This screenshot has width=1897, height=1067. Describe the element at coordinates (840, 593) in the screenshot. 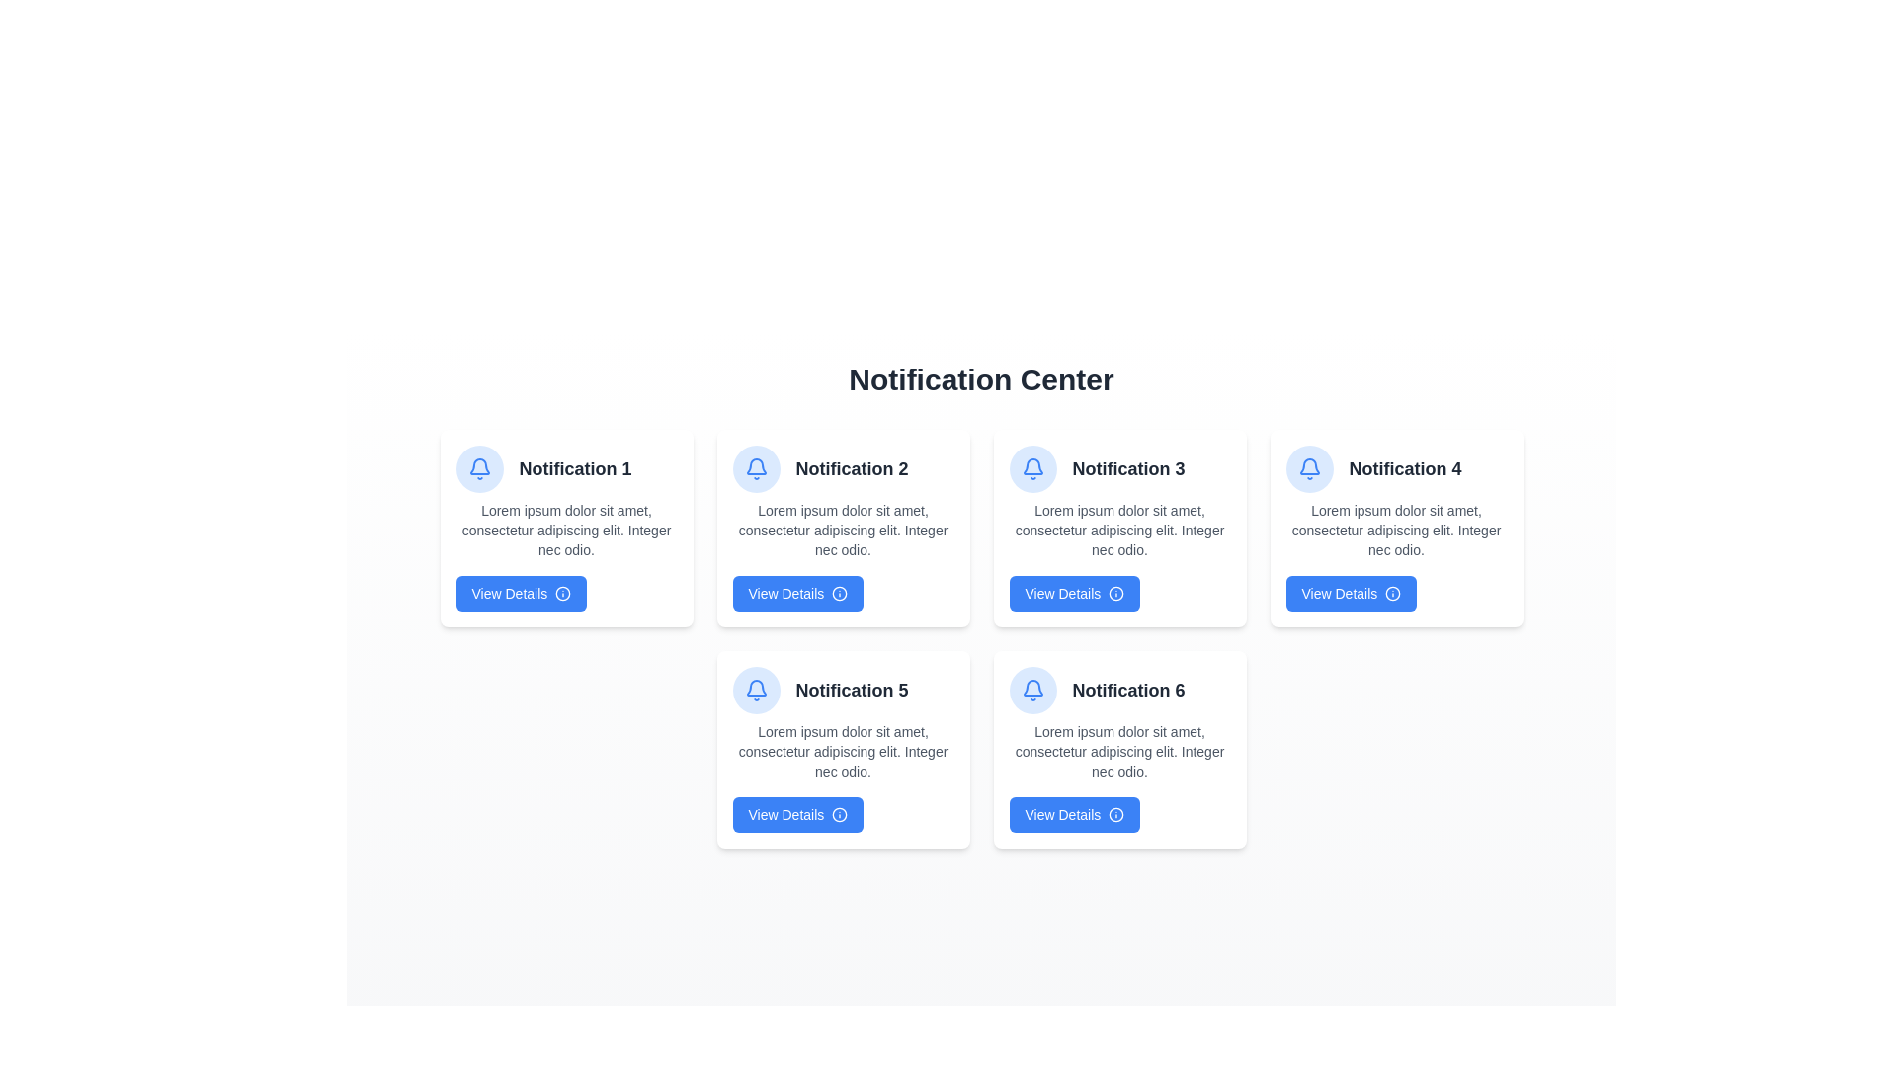

I see `the circular Graphical Icon Component located on the right side of the 'View Details' button in the second notification item of the top row` at that location.